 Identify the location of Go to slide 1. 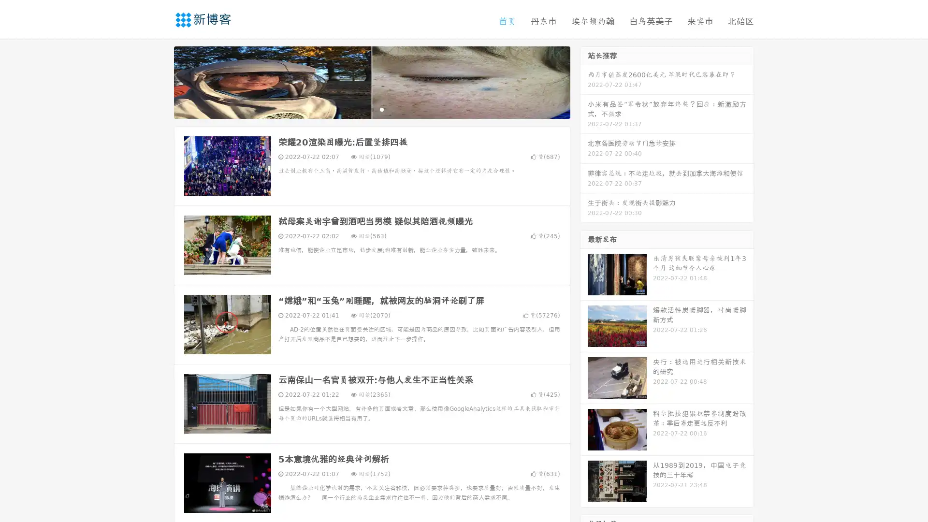
(362, 109).